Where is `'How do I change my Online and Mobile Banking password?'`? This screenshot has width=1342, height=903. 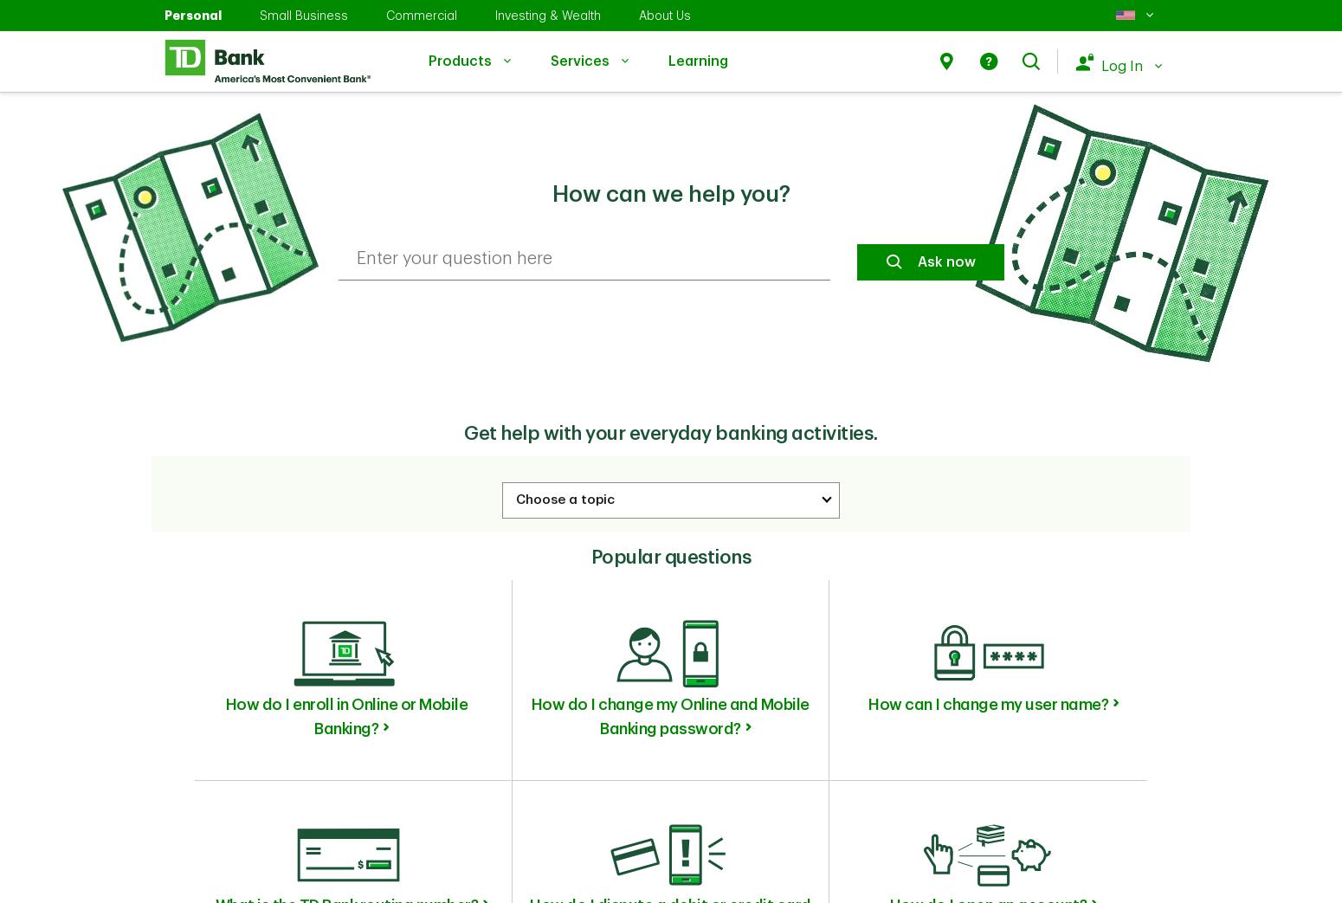 'How do I change my Online and Mobile Banking password?' is located at coordinates (669, 717).